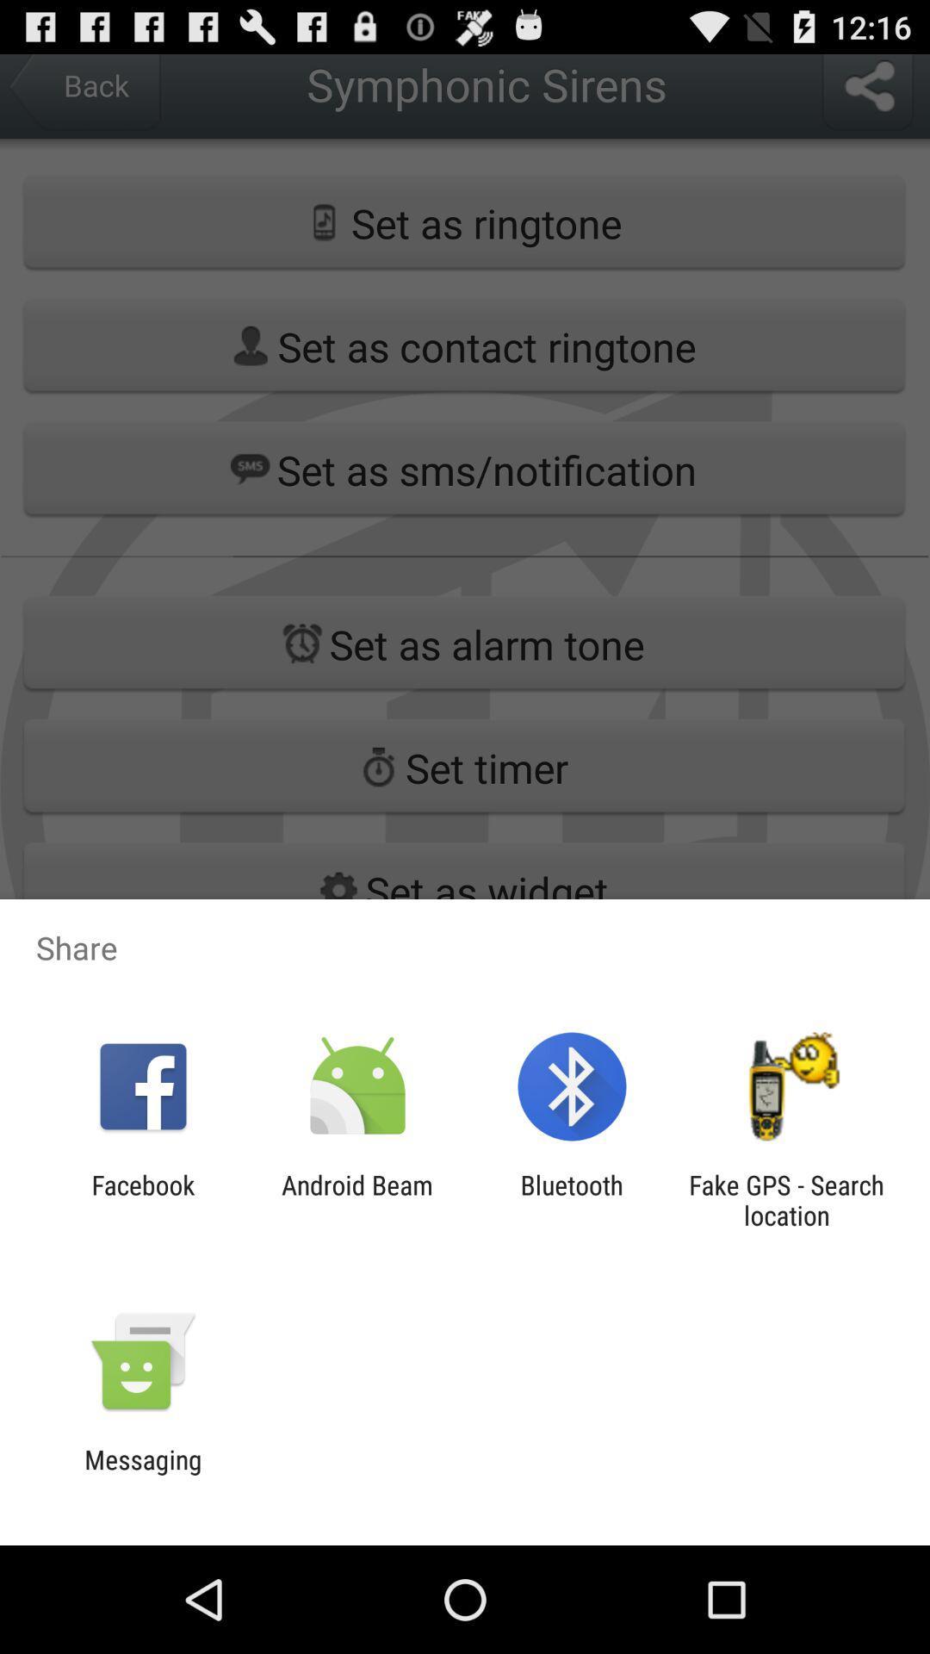 The width and height of the screenshot is (930, 1654). Describe the element at coordinates (356, 1199) in the screenshot. I see `android beam icon` at that location.